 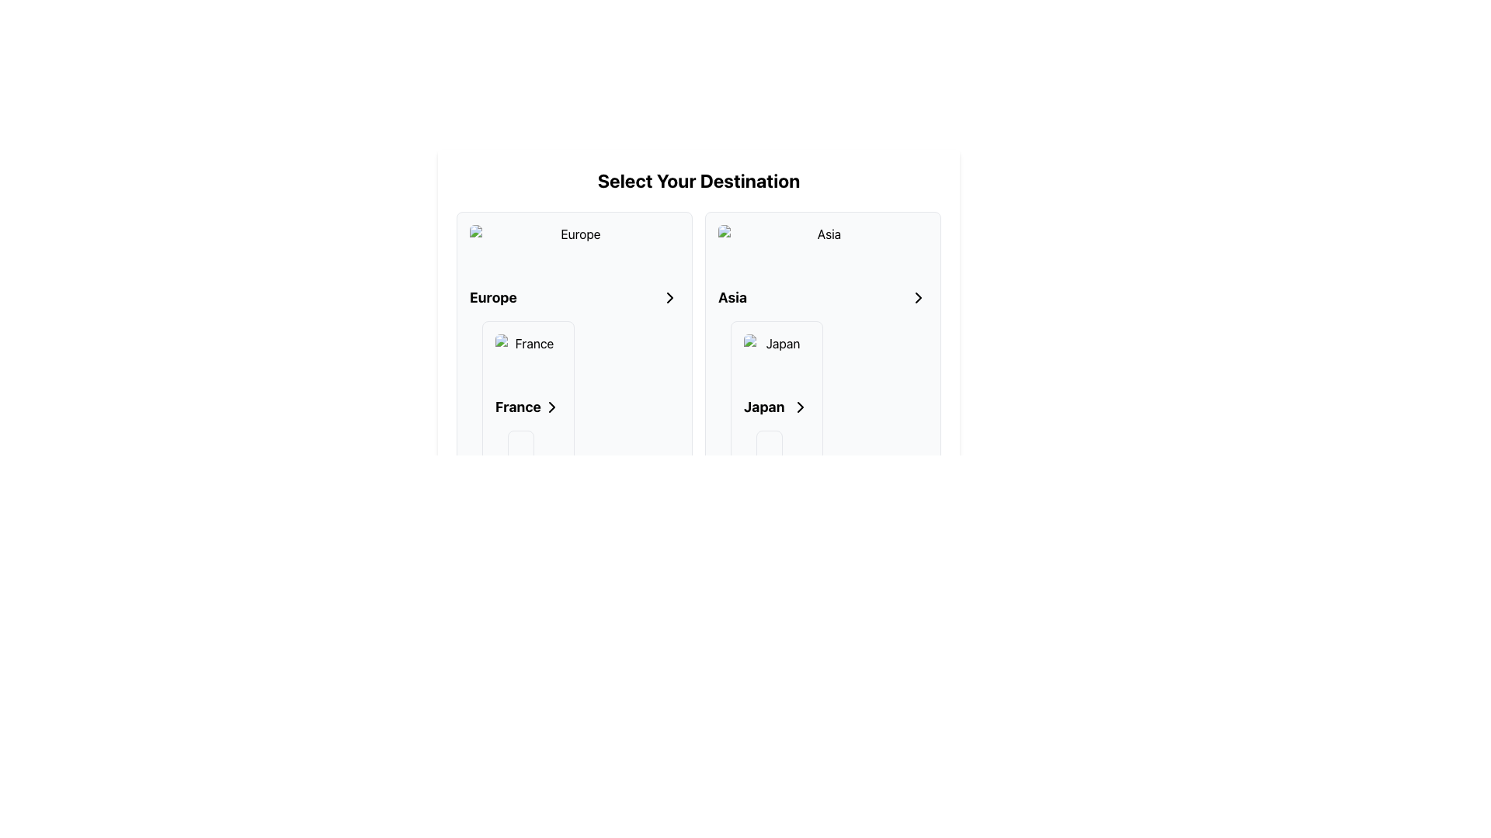 What do you see at coordinates (573, 248) in the screenshot?
I see `the image located at the top of the Europe card, which is the leftmost card in the Select Your Destination grid` at bounding box center [573, 248].